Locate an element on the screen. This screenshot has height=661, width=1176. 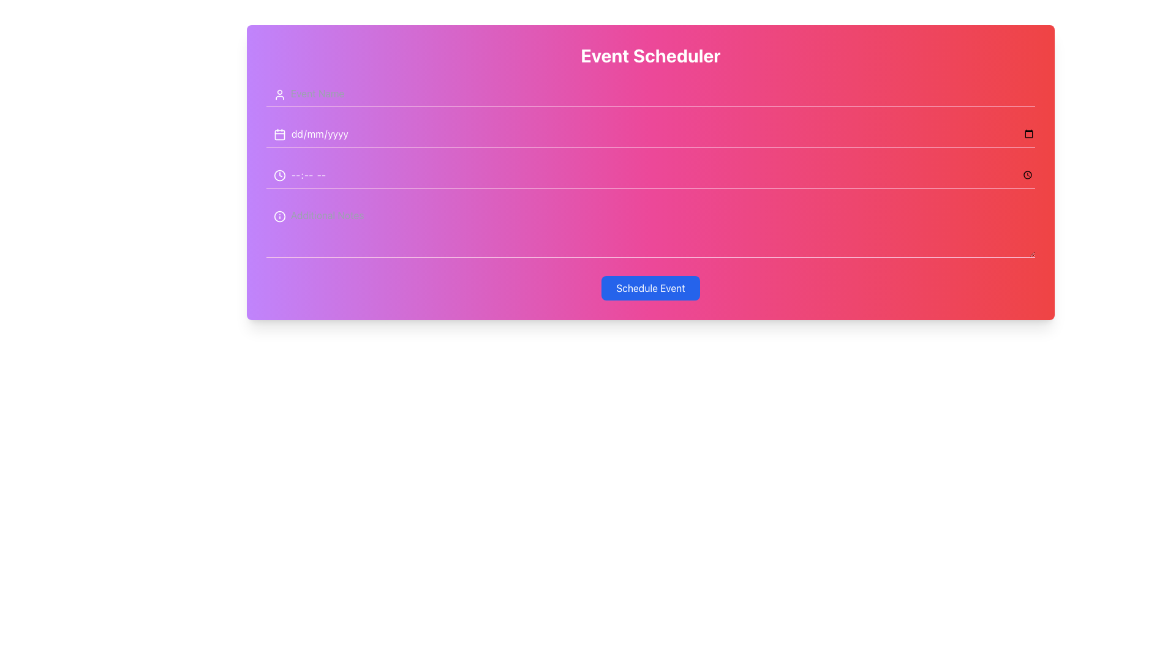
the scheduling button located at the bottom center of the form interface to observe its hover state is located at coordinates (650, 288).